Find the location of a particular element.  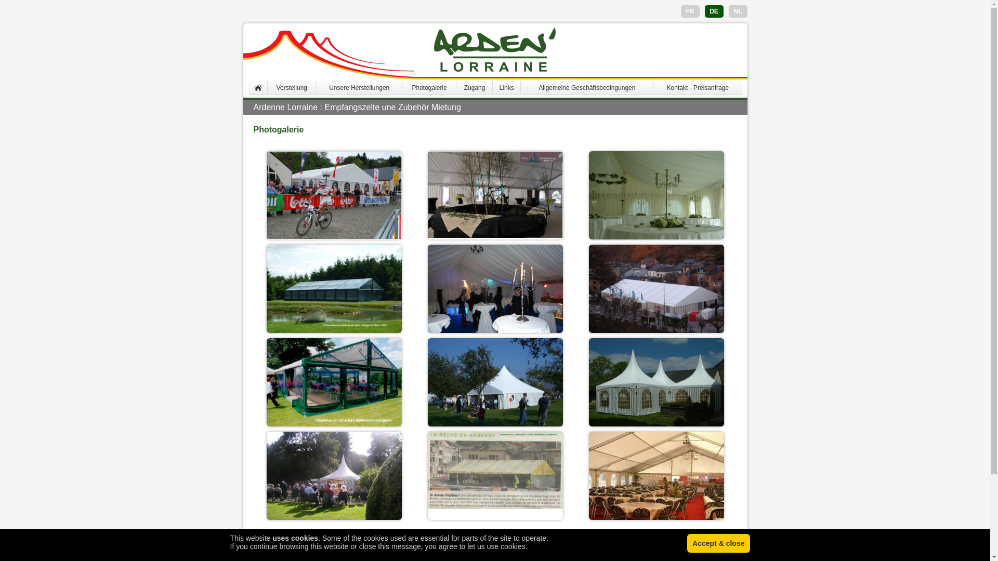

'NL' is located at coordinates (738, 11).